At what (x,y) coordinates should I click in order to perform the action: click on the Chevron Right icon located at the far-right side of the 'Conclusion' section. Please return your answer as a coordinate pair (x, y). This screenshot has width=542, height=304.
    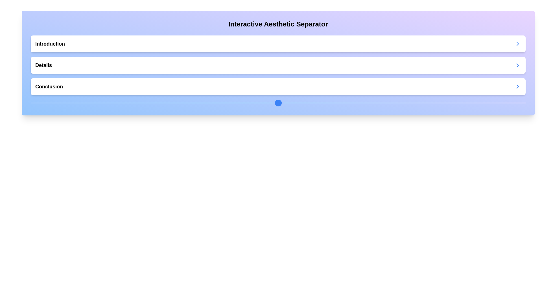
    Looking at the image, I should click on (517, 87).